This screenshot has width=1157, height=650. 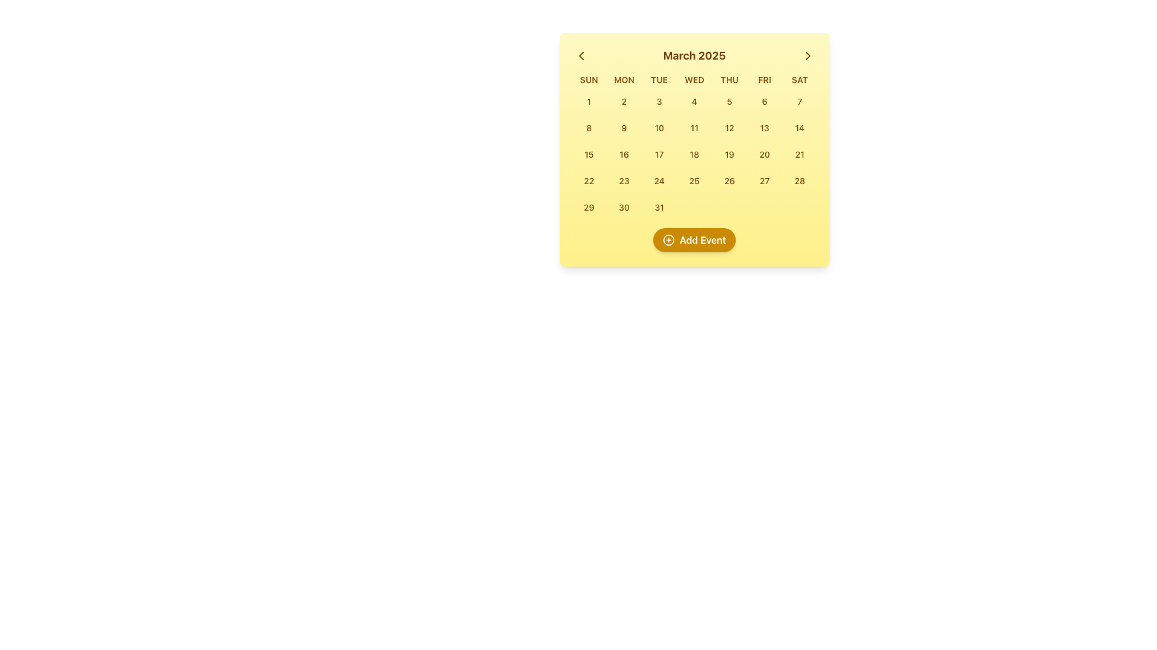 I want to click on the text label indicating the 22nd day in the calendar, so click(x=589, y=181).